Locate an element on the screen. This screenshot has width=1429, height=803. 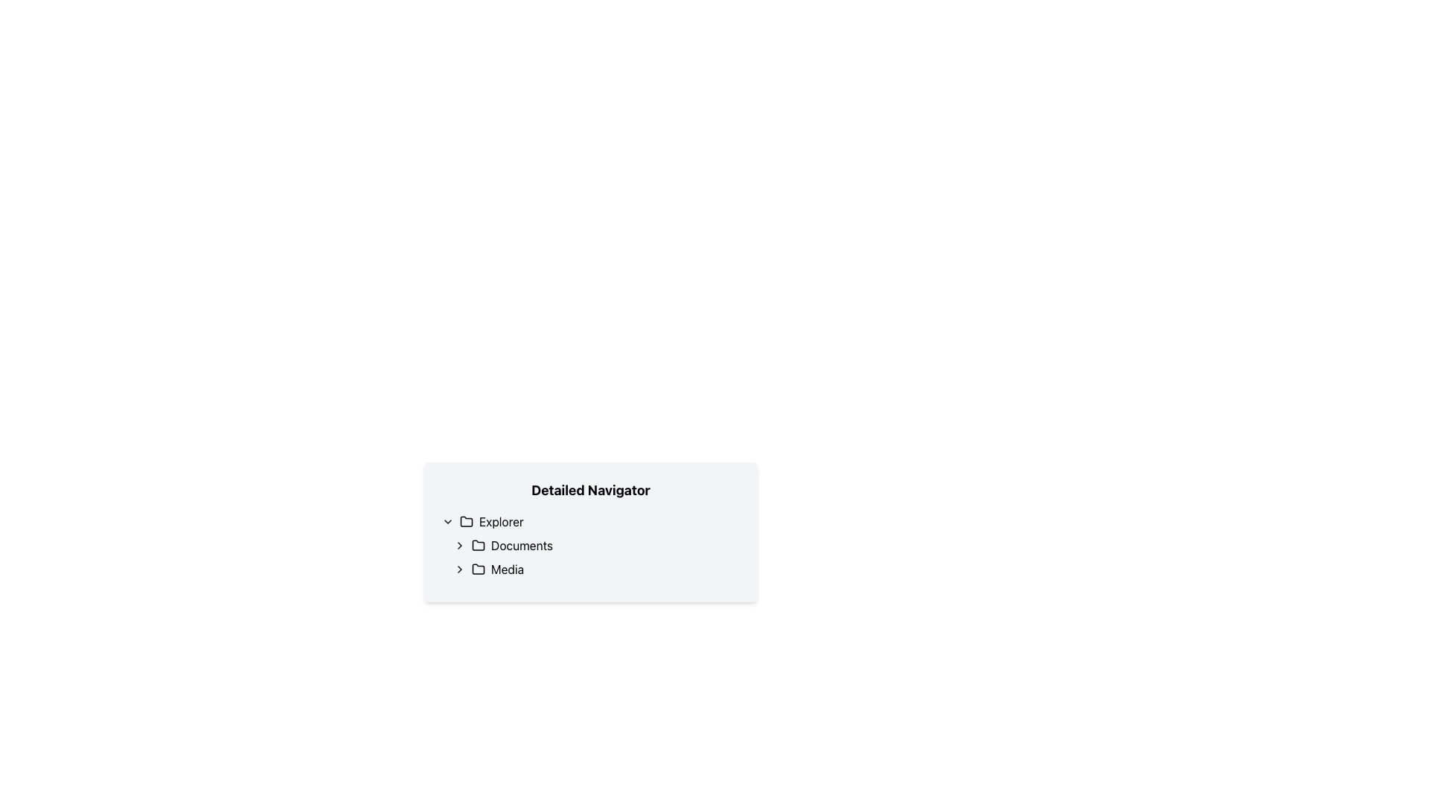
the 'Media' text label is located at coordinates (507, 569).